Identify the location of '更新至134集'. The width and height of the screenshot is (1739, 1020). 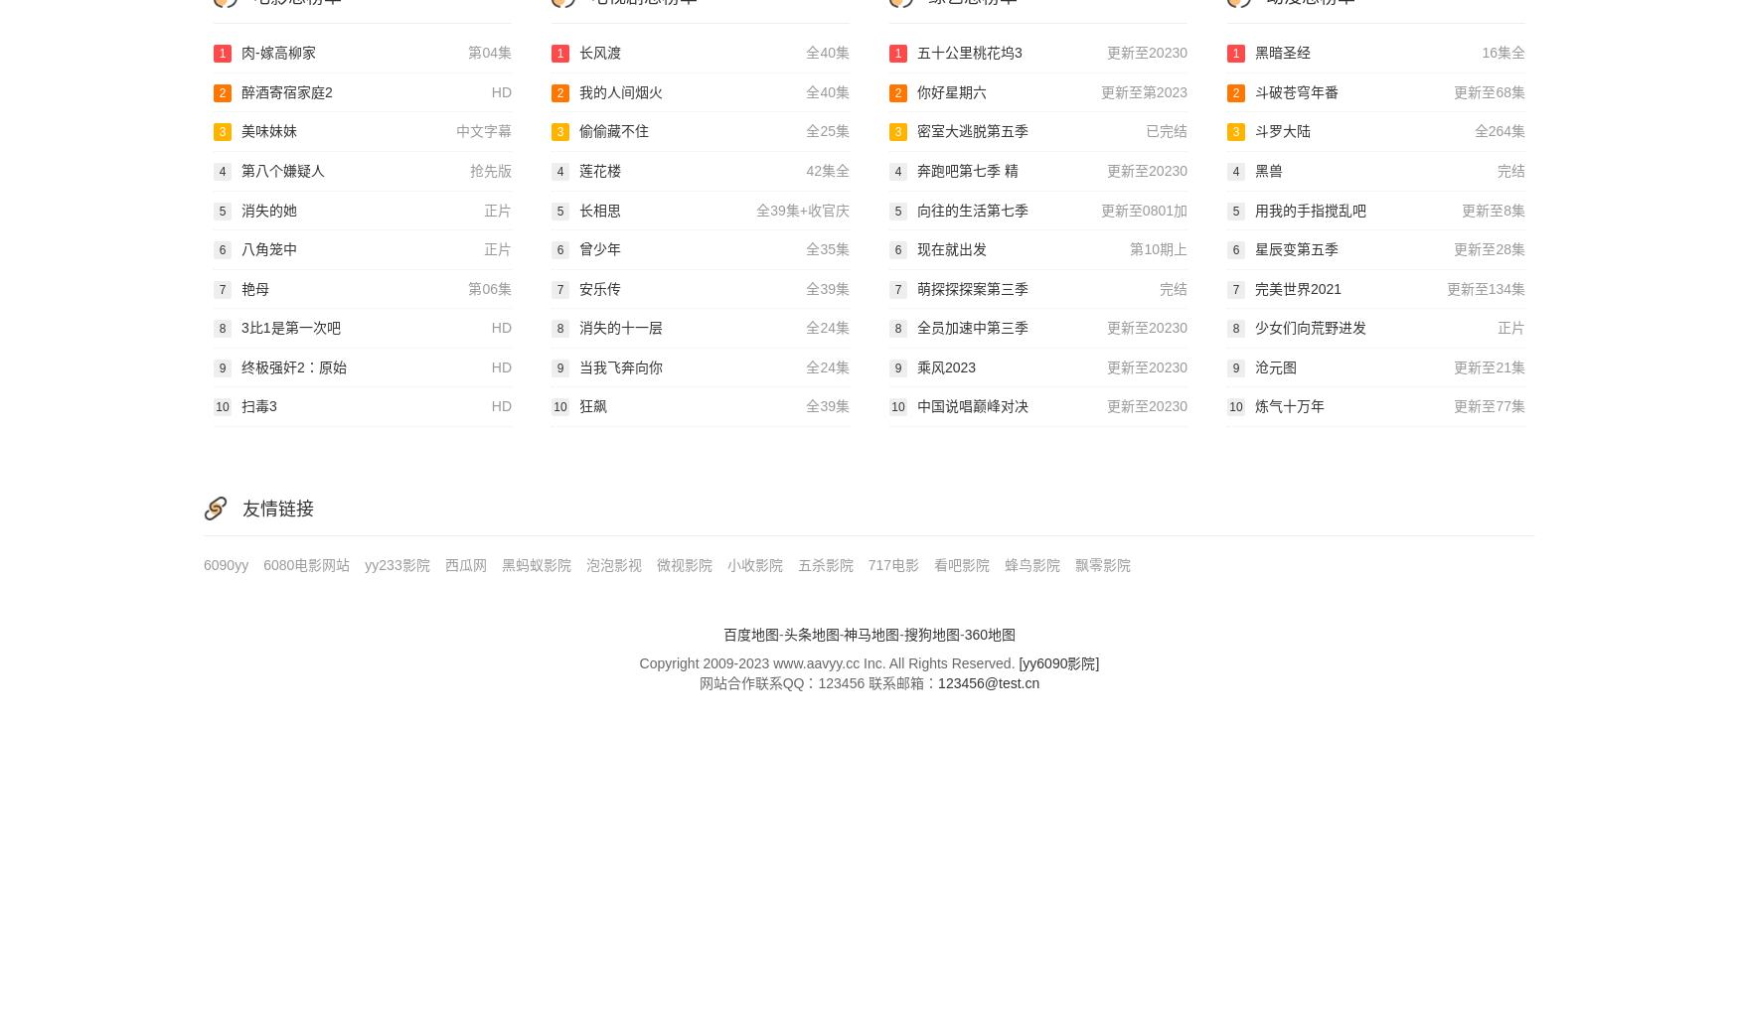
(1486, 287).